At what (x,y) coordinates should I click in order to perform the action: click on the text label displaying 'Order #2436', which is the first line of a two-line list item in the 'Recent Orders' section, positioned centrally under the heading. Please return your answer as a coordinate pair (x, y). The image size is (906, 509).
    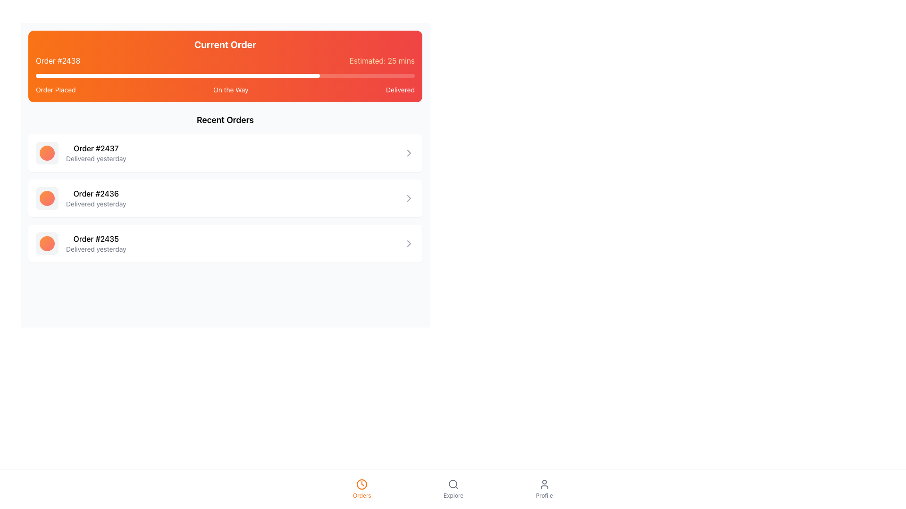
    Looking at the image, I should click on (96, 193).